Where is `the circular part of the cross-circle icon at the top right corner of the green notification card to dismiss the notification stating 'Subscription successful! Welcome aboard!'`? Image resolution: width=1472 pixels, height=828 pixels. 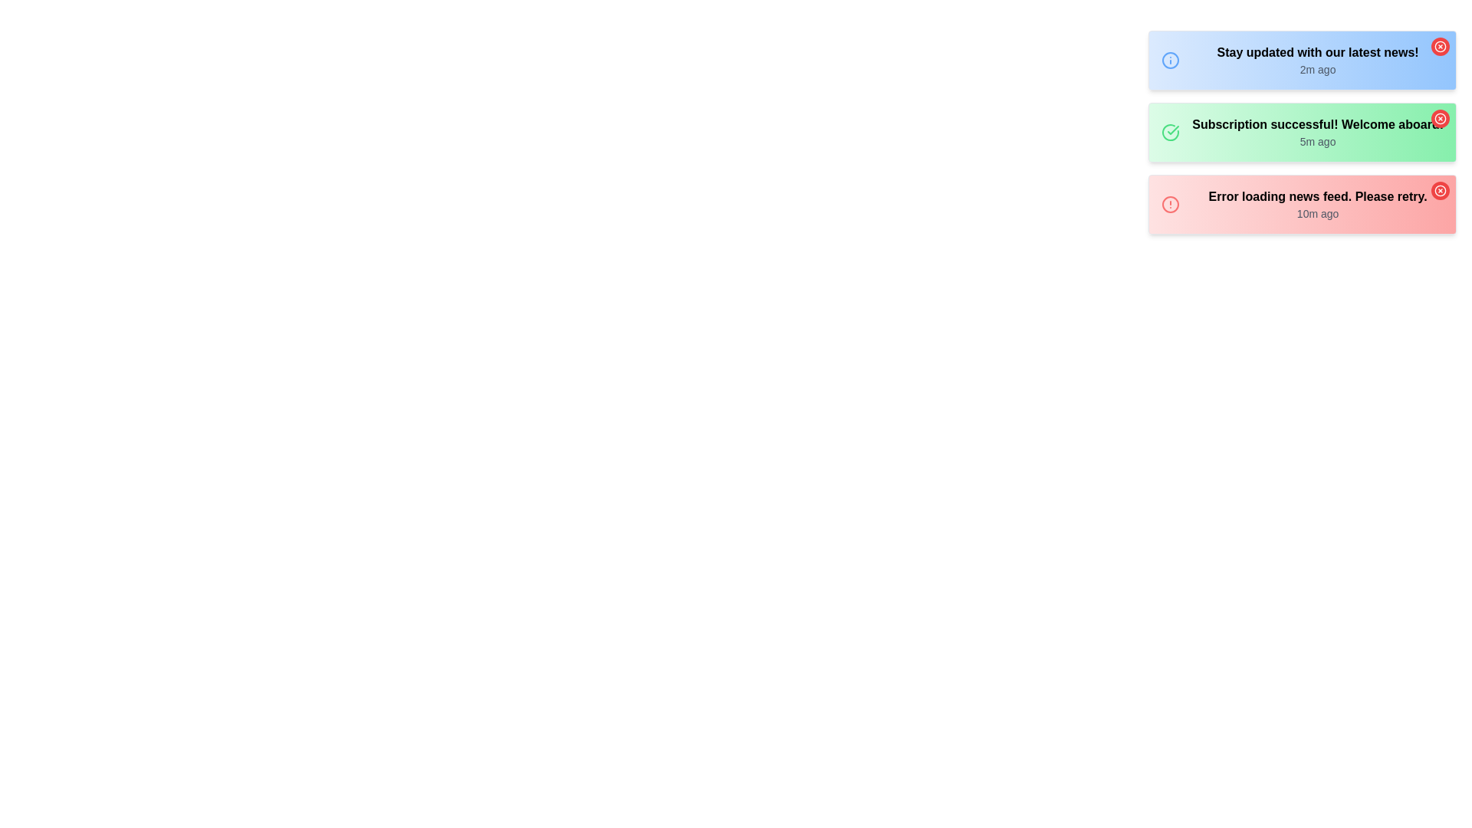
the circular part of the cross-circle icon at the top right corner of the green notification card to dismiss the notification stating 'Subscription successful! Welcome aboard!' is located at coordinates (1439, 190).